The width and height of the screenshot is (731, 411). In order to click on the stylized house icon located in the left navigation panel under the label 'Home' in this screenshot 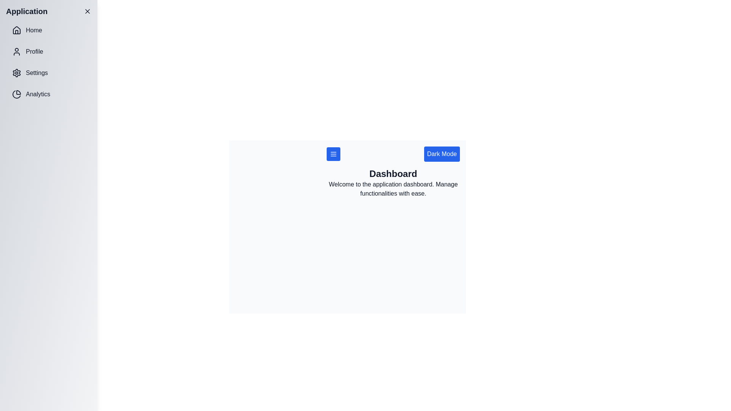, I will do `click(16, 29)`.